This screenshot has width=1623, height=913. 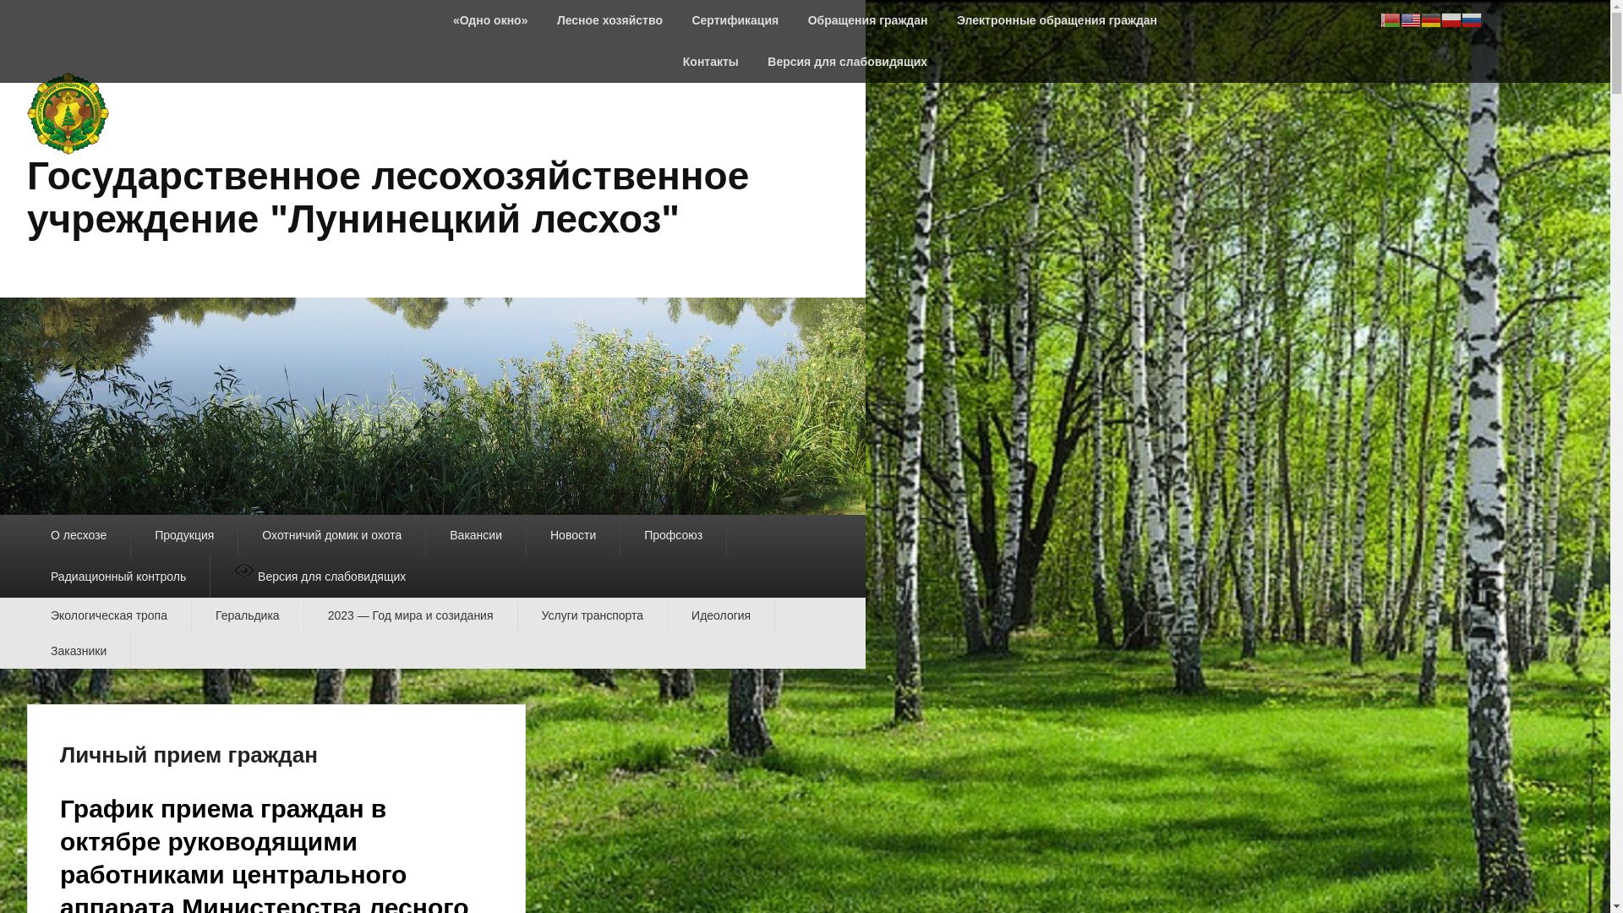 What do you see at coordinates (1451, 19) in the screenshot?
I see `'Polish'` at bounding box center [1451, 19].